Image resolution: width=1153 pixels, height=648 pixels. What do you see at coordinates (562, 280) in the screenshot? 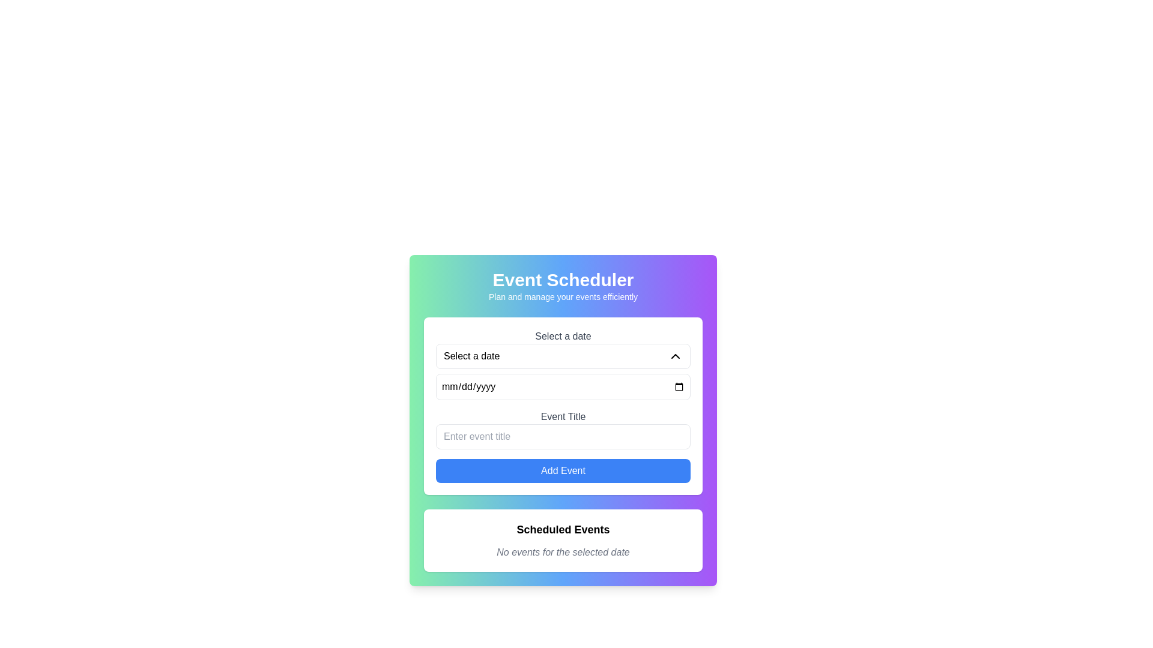
I see `the Heading text at the top of the main section of the interface that indicates the purpose or identity of the application related to scheduling events` at bounding box center [562, 280].